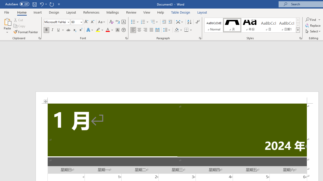 This screenshot has height=181, width=323. Describe the element at coordinates (111, 22) in the screenshot. I see `'Clear Formatting'` at that location.